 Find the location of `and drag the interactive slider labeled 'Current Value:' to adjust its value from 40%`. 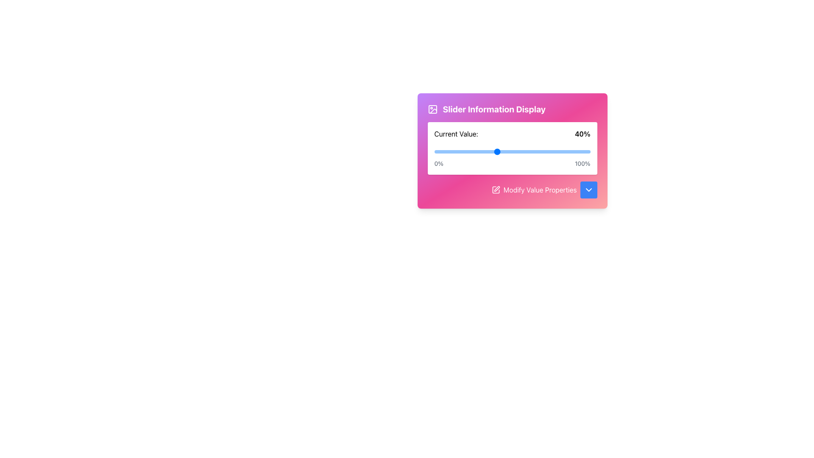

and drag the interactive slider labeled 'Current Value:' to adjust its value from 40% is located at coordinates (512, 148).